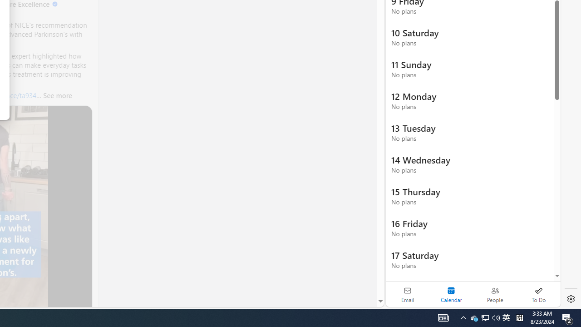  I want to click on 'To Do', so click(538, 294).